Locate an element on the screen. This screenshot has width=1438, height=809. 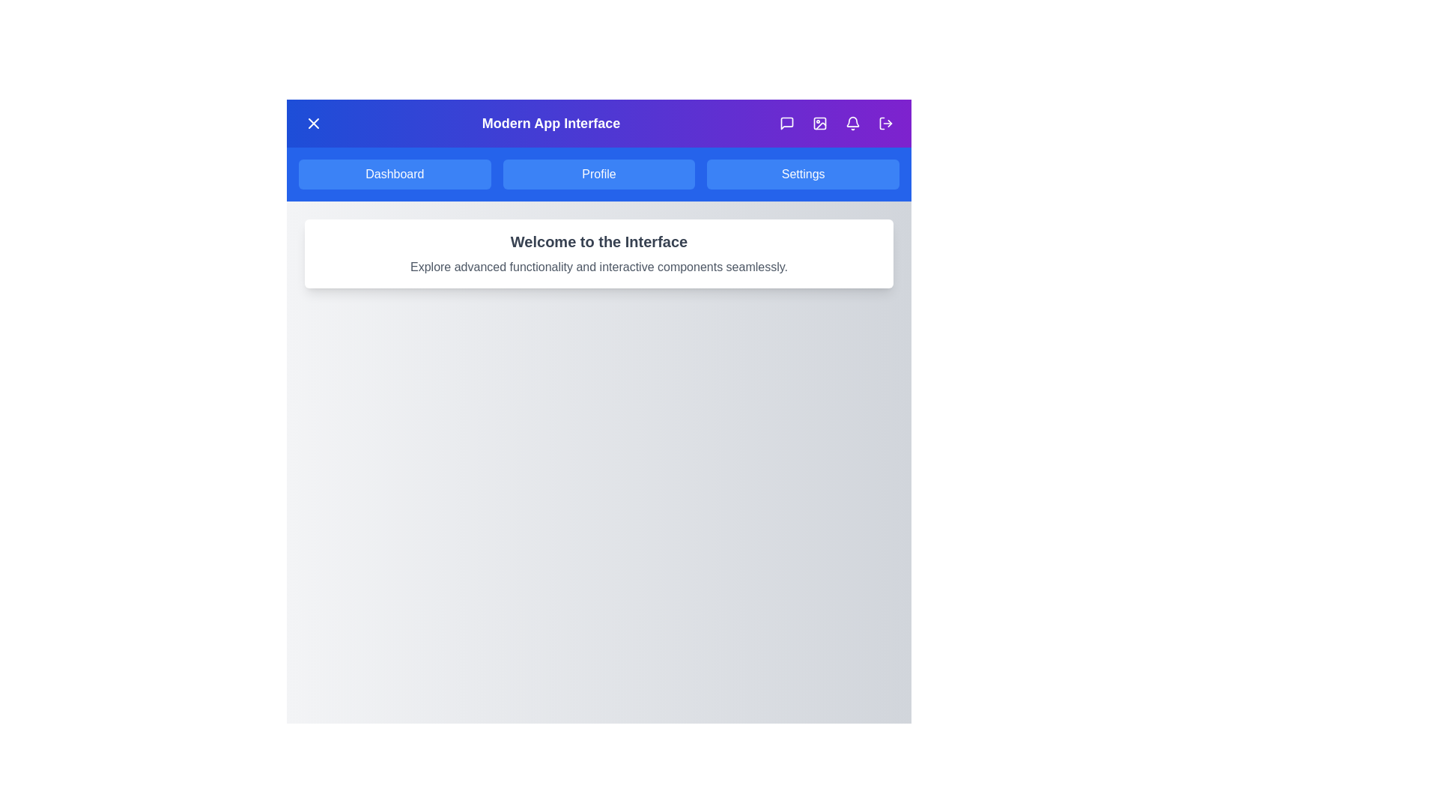
the menu button to toggle the main menu visibility is located at coordinates (312, 123).